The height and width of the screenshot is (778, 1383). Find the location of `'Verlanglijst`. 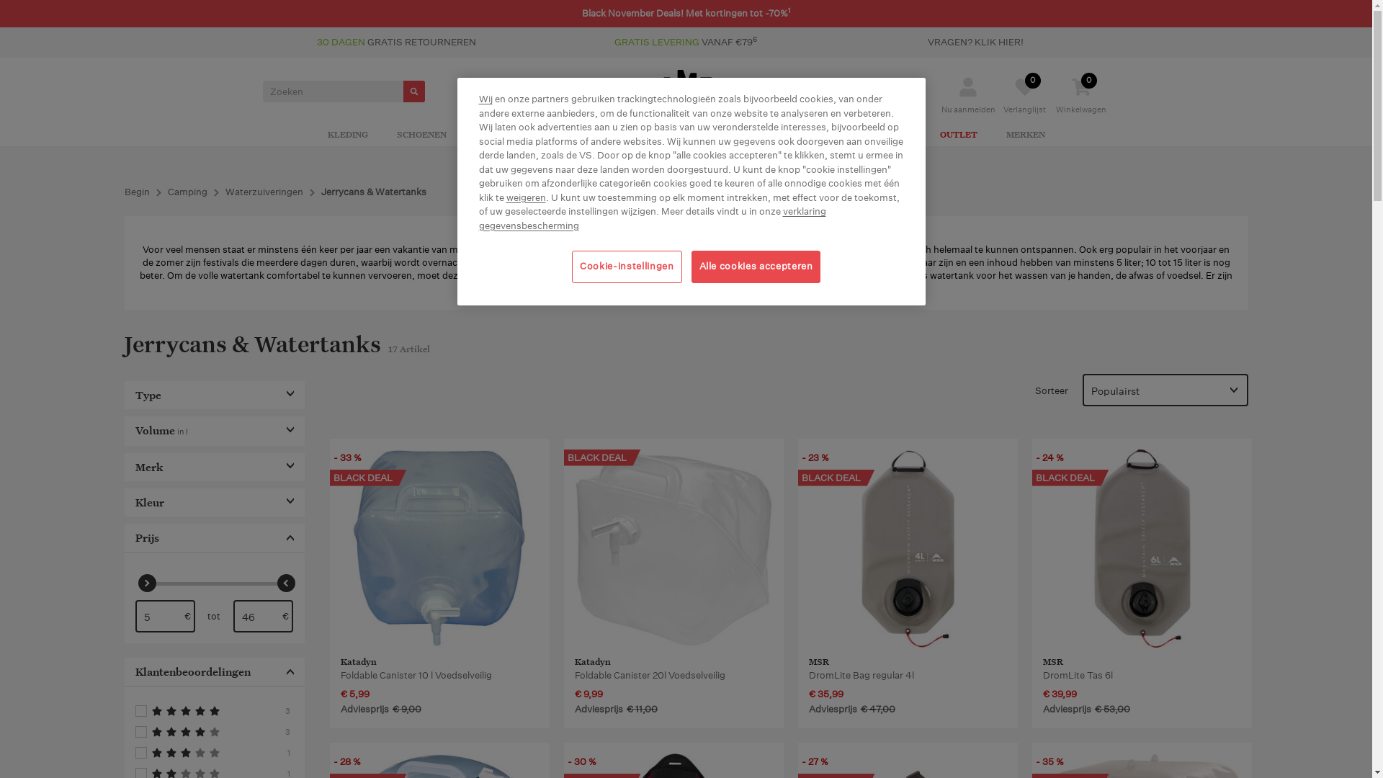

'Verlanglijst is located at coordinates (1023, 104).